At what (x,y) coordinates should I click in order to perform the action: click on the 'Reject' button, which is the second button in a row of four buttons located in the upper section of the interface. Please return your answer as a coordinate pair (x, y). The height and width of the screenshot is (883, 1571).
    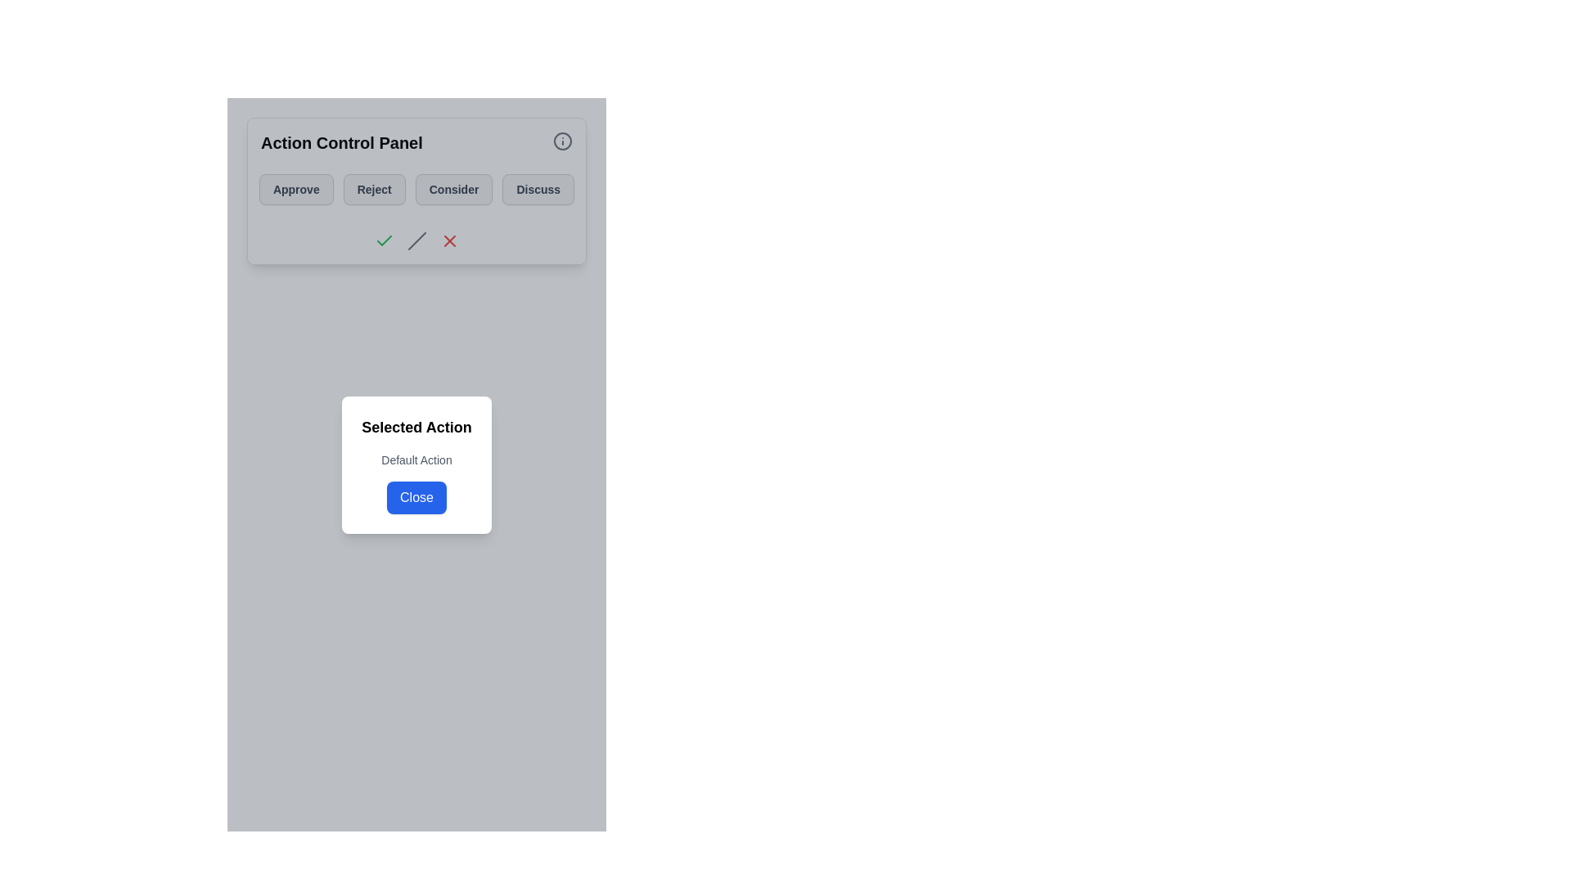
    Looking at the image, I should click on (373, 188).